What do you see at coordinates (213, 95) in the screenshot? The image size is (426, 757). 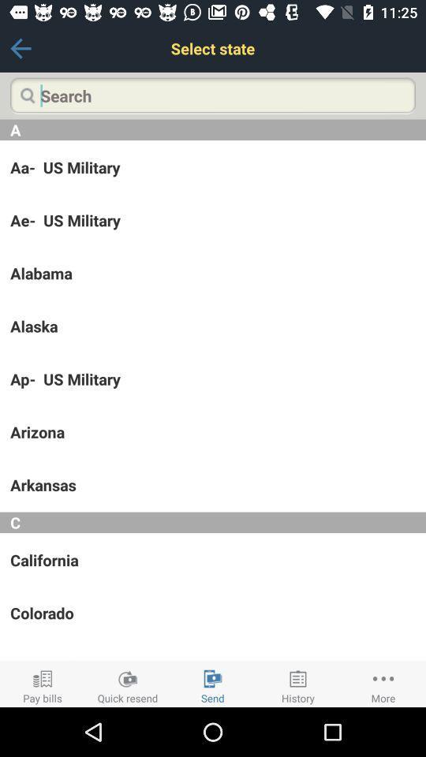 I see `search bar` at bounding box center [213, 95].